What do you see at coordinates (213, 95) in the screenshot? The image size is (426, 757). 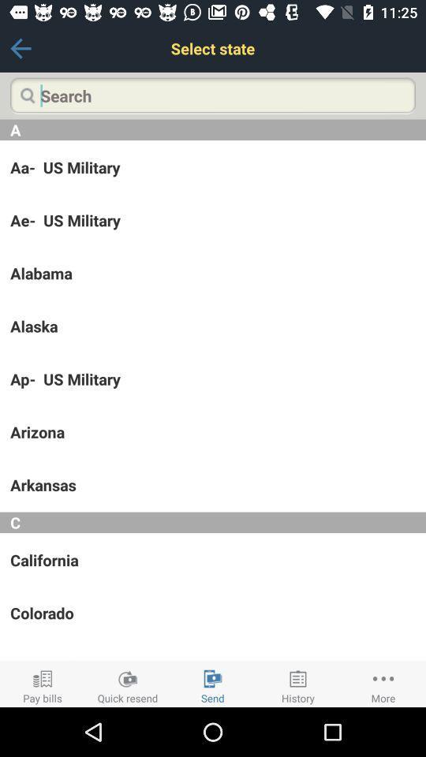 I see `search bar` at bounding box center [213, 95].